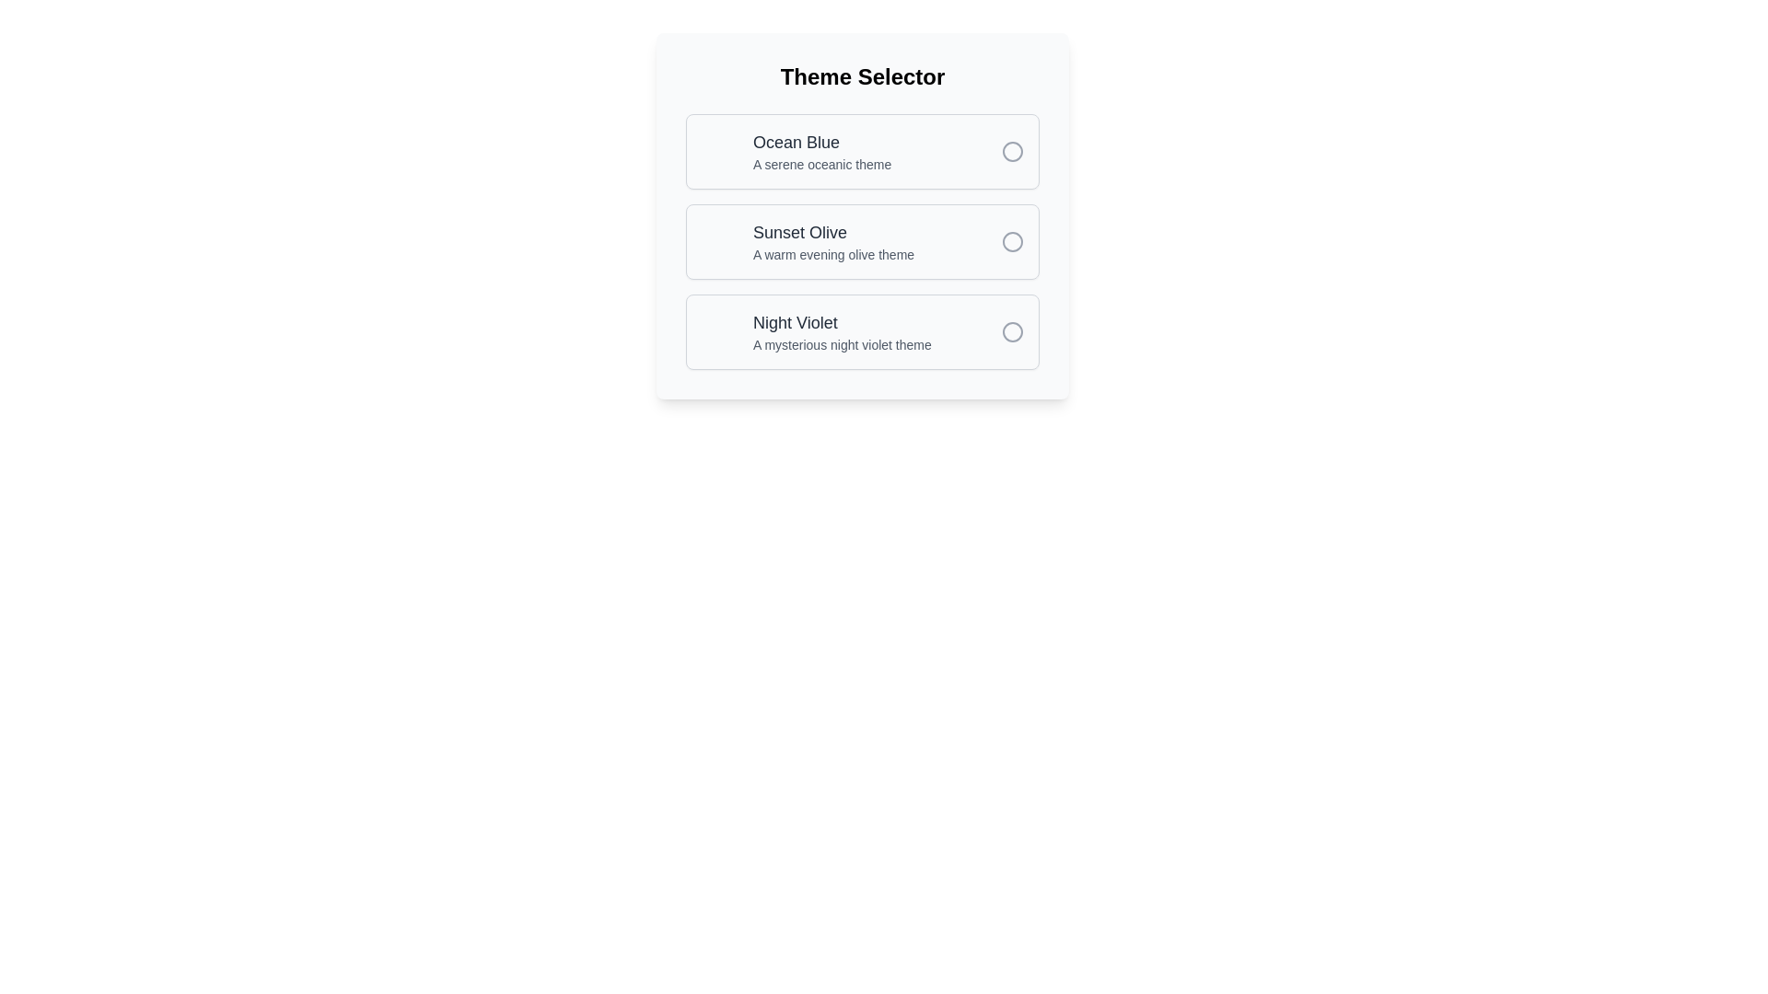 Image resolution: width=1768 pixels, height=994 pixels. I want to click on the text display element titled 'Ocean Blue', so click(821, 151).